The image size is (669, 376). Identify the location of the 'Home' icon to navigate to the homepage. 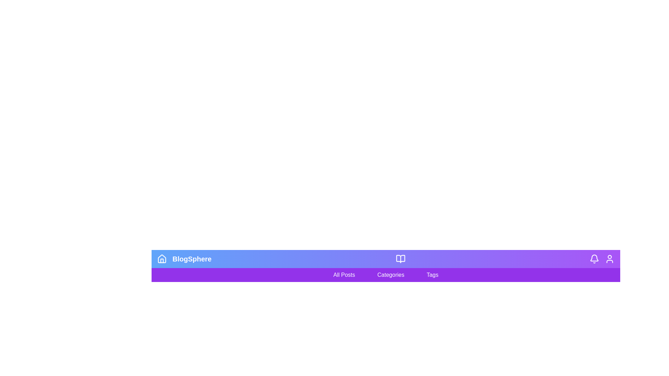
(162, 259).